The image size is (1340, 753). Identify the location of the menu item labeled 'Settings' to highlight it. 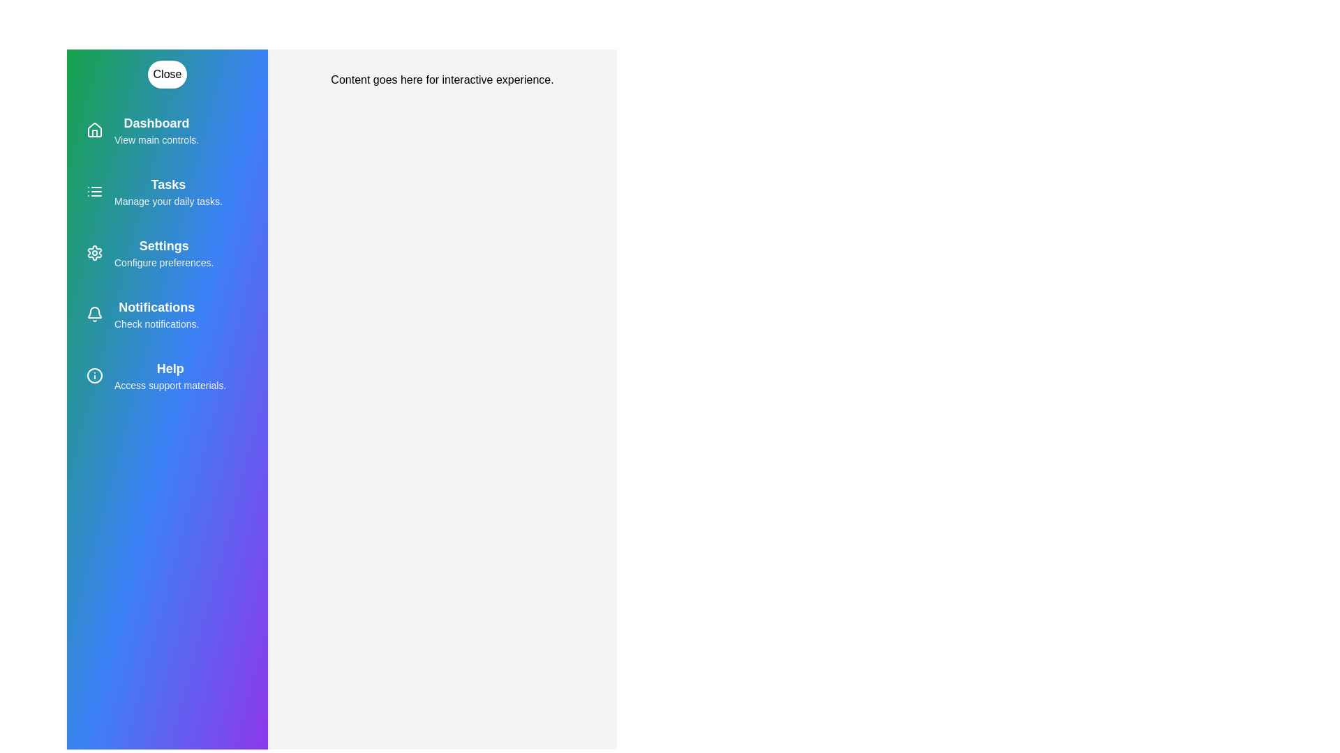
(167, 252).